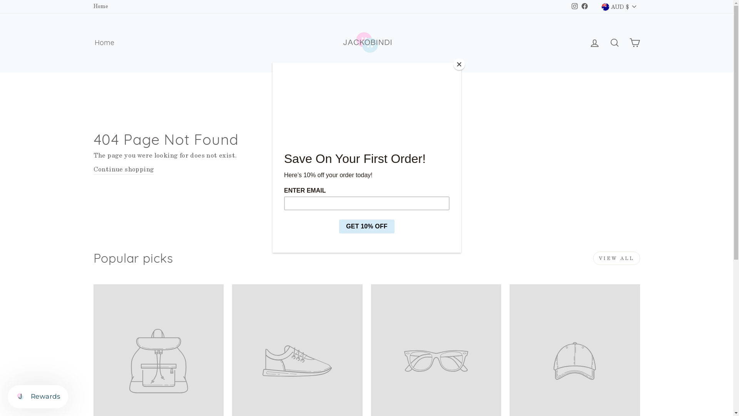 The width and height of the screenshot is (739, 416). Describe the element at coordinates (104, 43) in the screenshot. I see `'Home'` at that location.